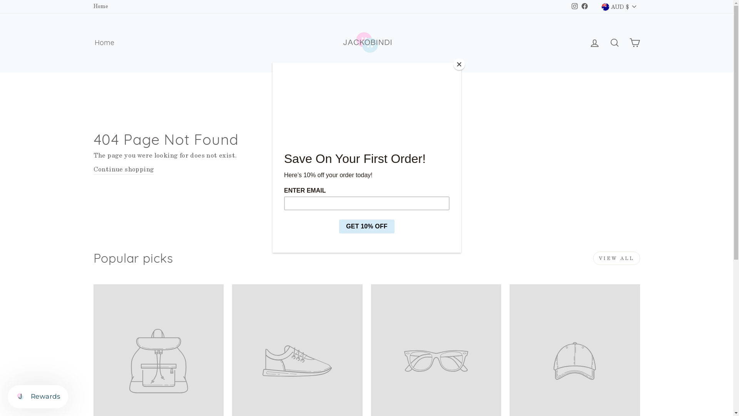 The width and height of the screenshot is (739, 416). Describe the element at coordinates (104, 43) in the screenshot. I see `'Home'` at that location.